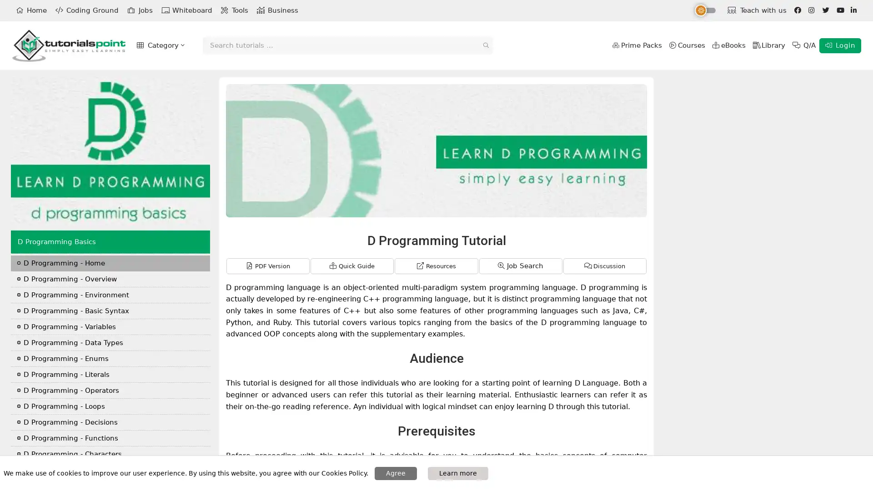 The image size is (873, 491). Describe the element at coordinates (520, 256) in the screenshot. I see `Job Search` at that location.